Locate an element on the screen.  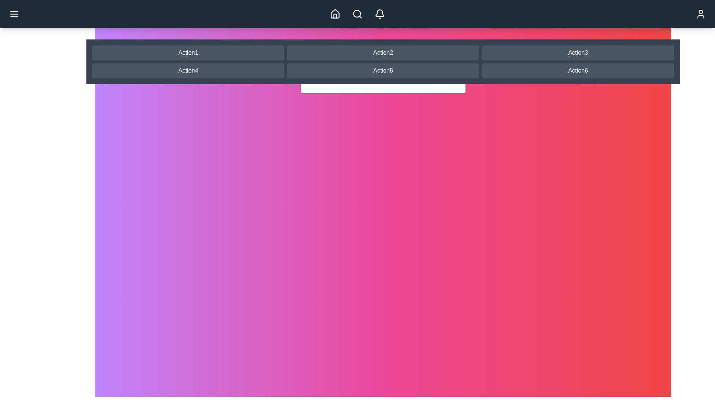
the navigation button labeled Action5 is located at coordinates (382, 70).